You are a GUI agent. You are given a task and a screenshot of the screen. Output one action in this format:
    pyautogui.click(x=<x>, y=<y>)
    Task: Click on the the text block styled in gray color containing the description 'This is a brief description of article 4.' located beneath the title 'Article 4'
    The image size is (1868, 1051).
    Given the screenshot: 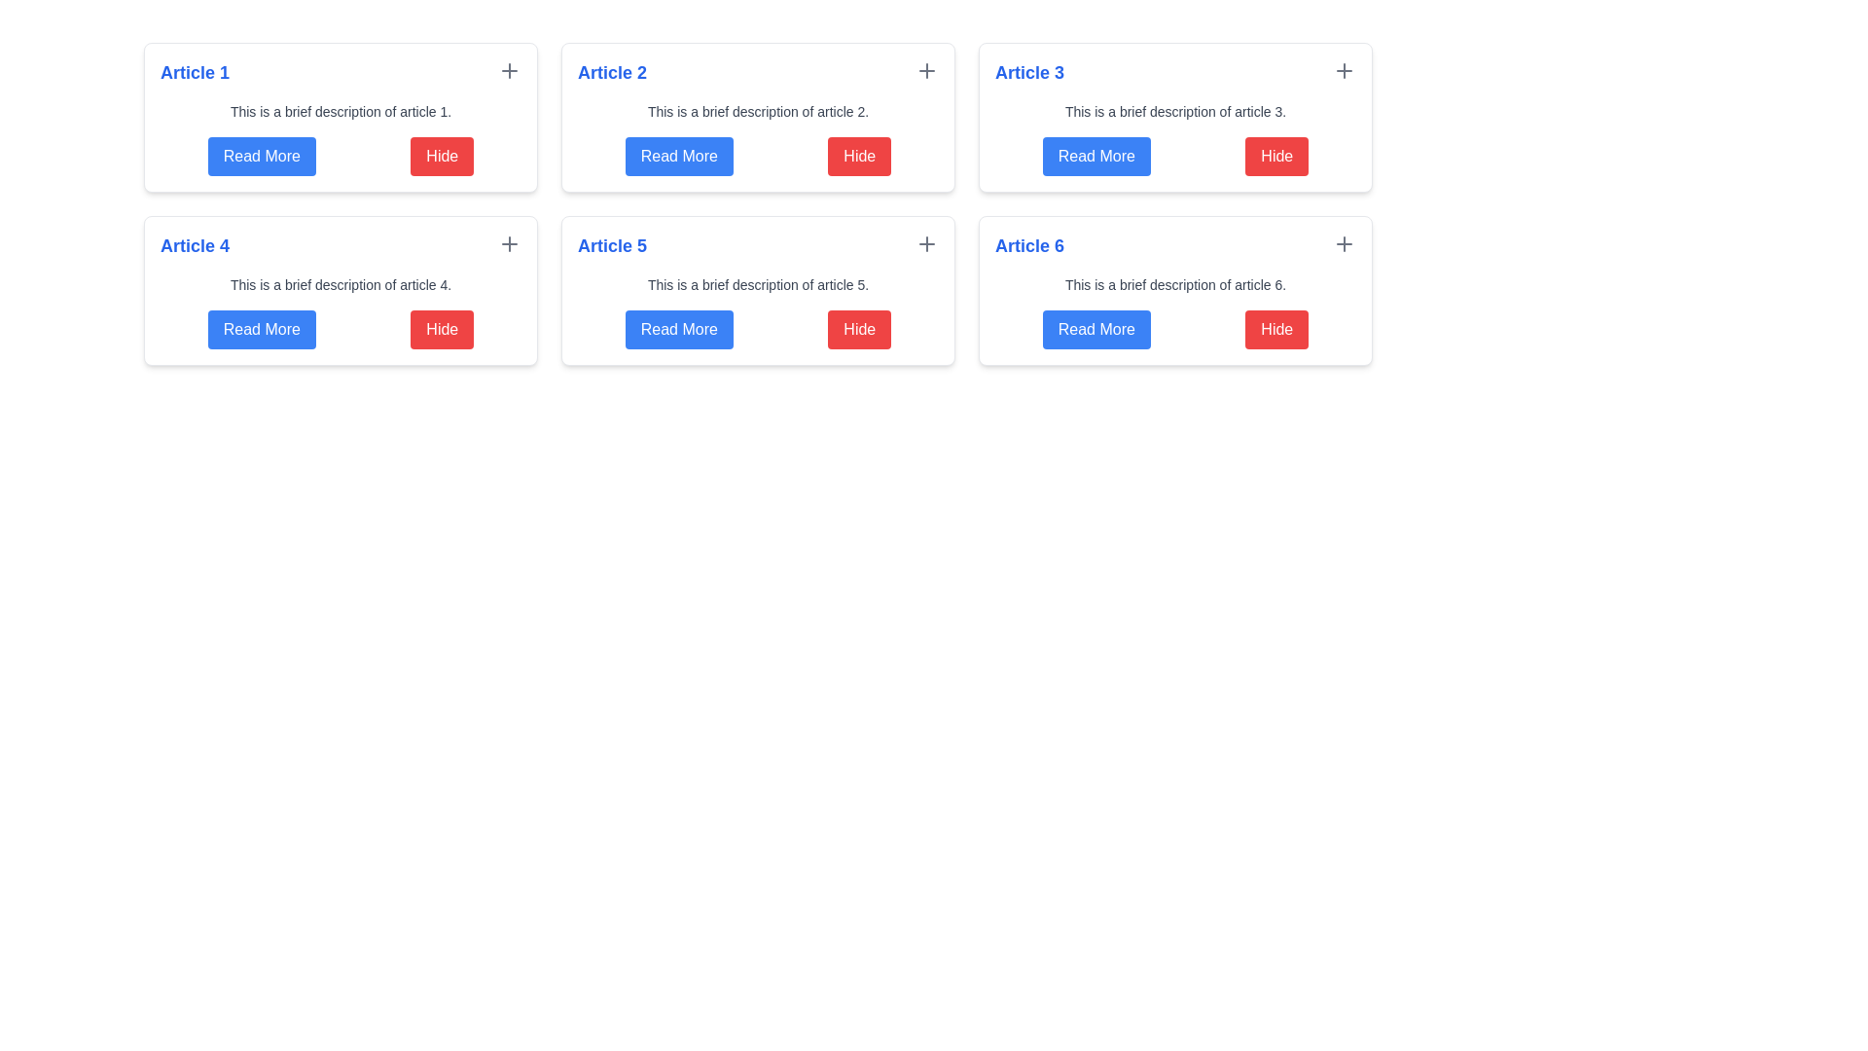 What is the action you would take?
    pyautogui.click(x=341, y=285)
    